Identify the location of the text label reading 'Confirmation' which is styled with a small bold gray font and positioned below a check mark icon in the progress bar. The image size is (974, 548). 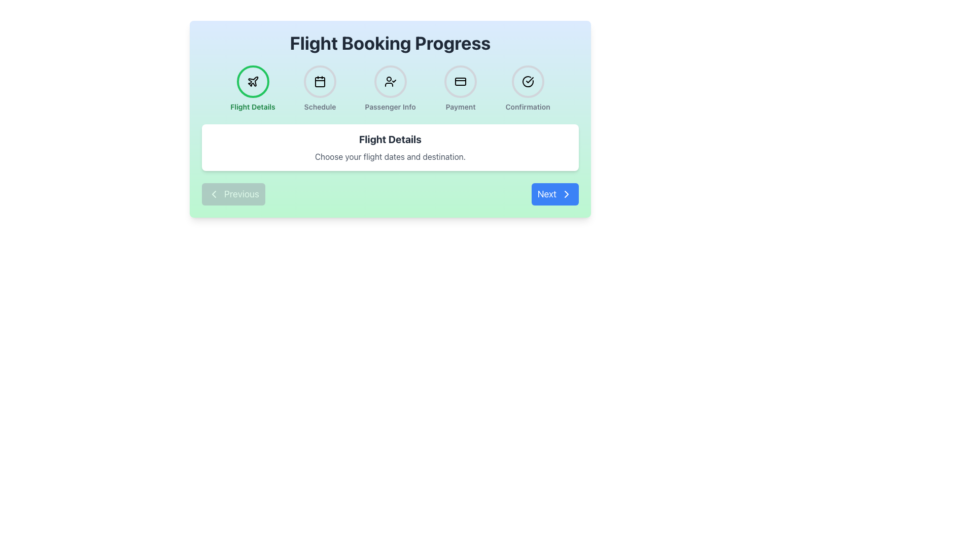
(528, 107).